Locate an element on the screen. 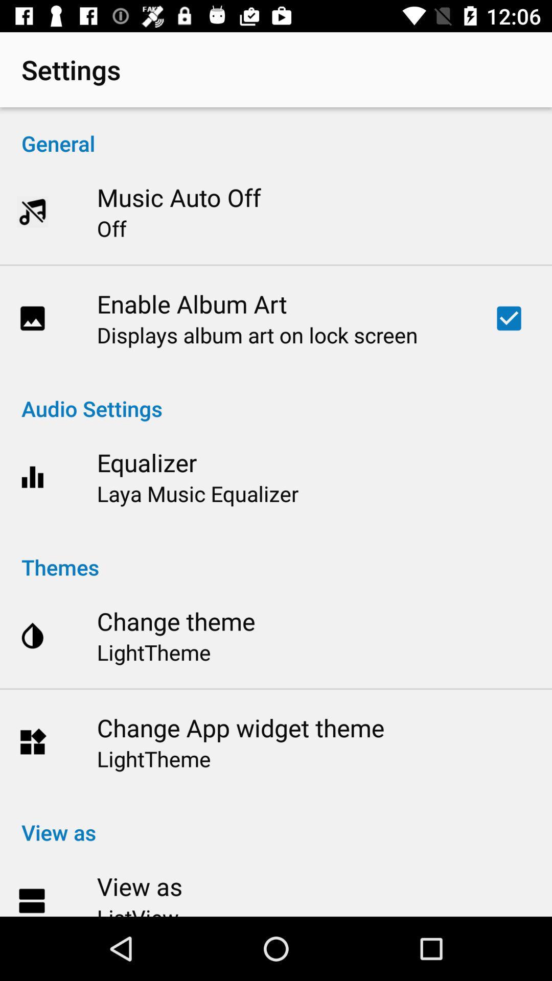  the item below the lighttheme is located at coordinates (240, 727).